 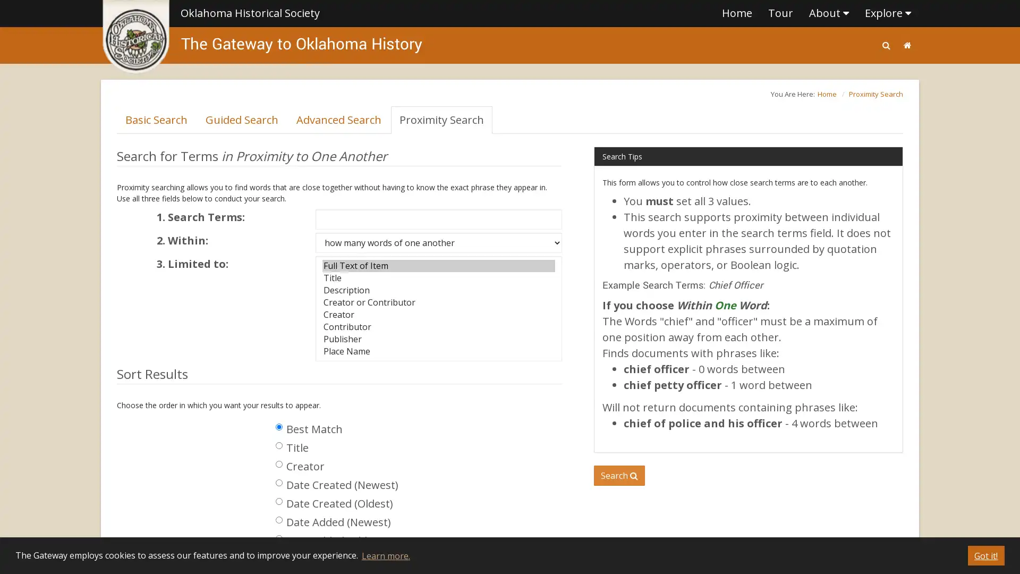 I want to click on dismiss cookie message, so click(x=985, y=555).